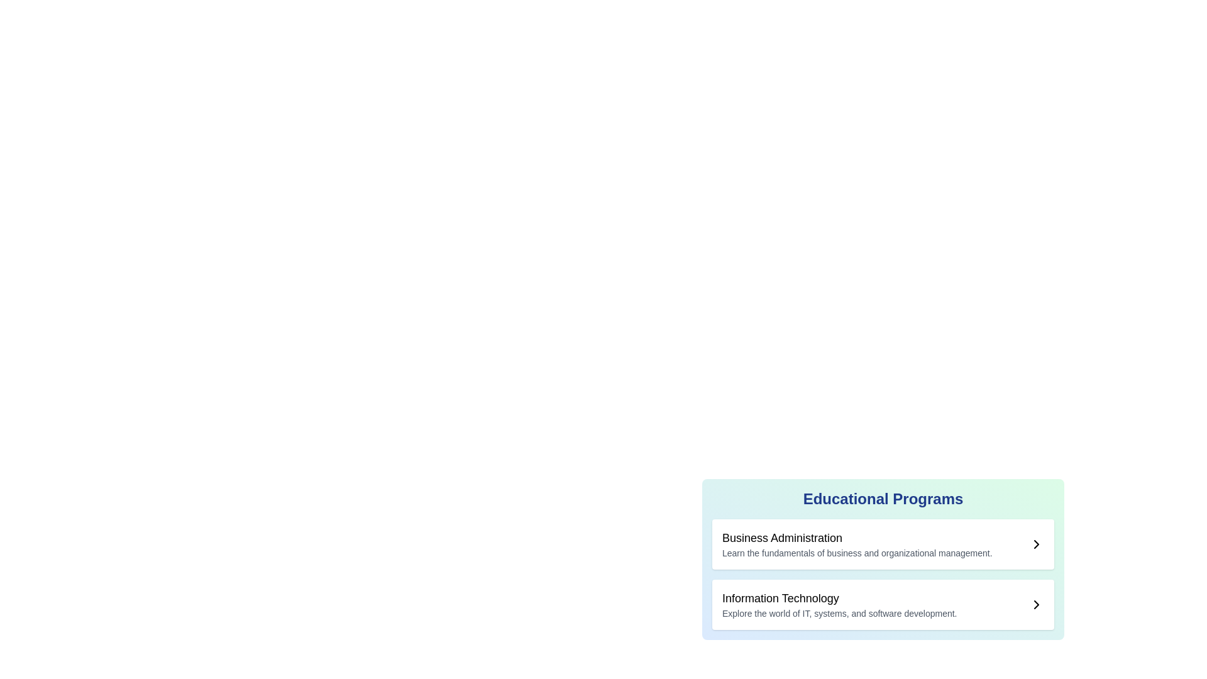  I want to click on the header element displaying the title 'Business Administration', so click(856, 538).